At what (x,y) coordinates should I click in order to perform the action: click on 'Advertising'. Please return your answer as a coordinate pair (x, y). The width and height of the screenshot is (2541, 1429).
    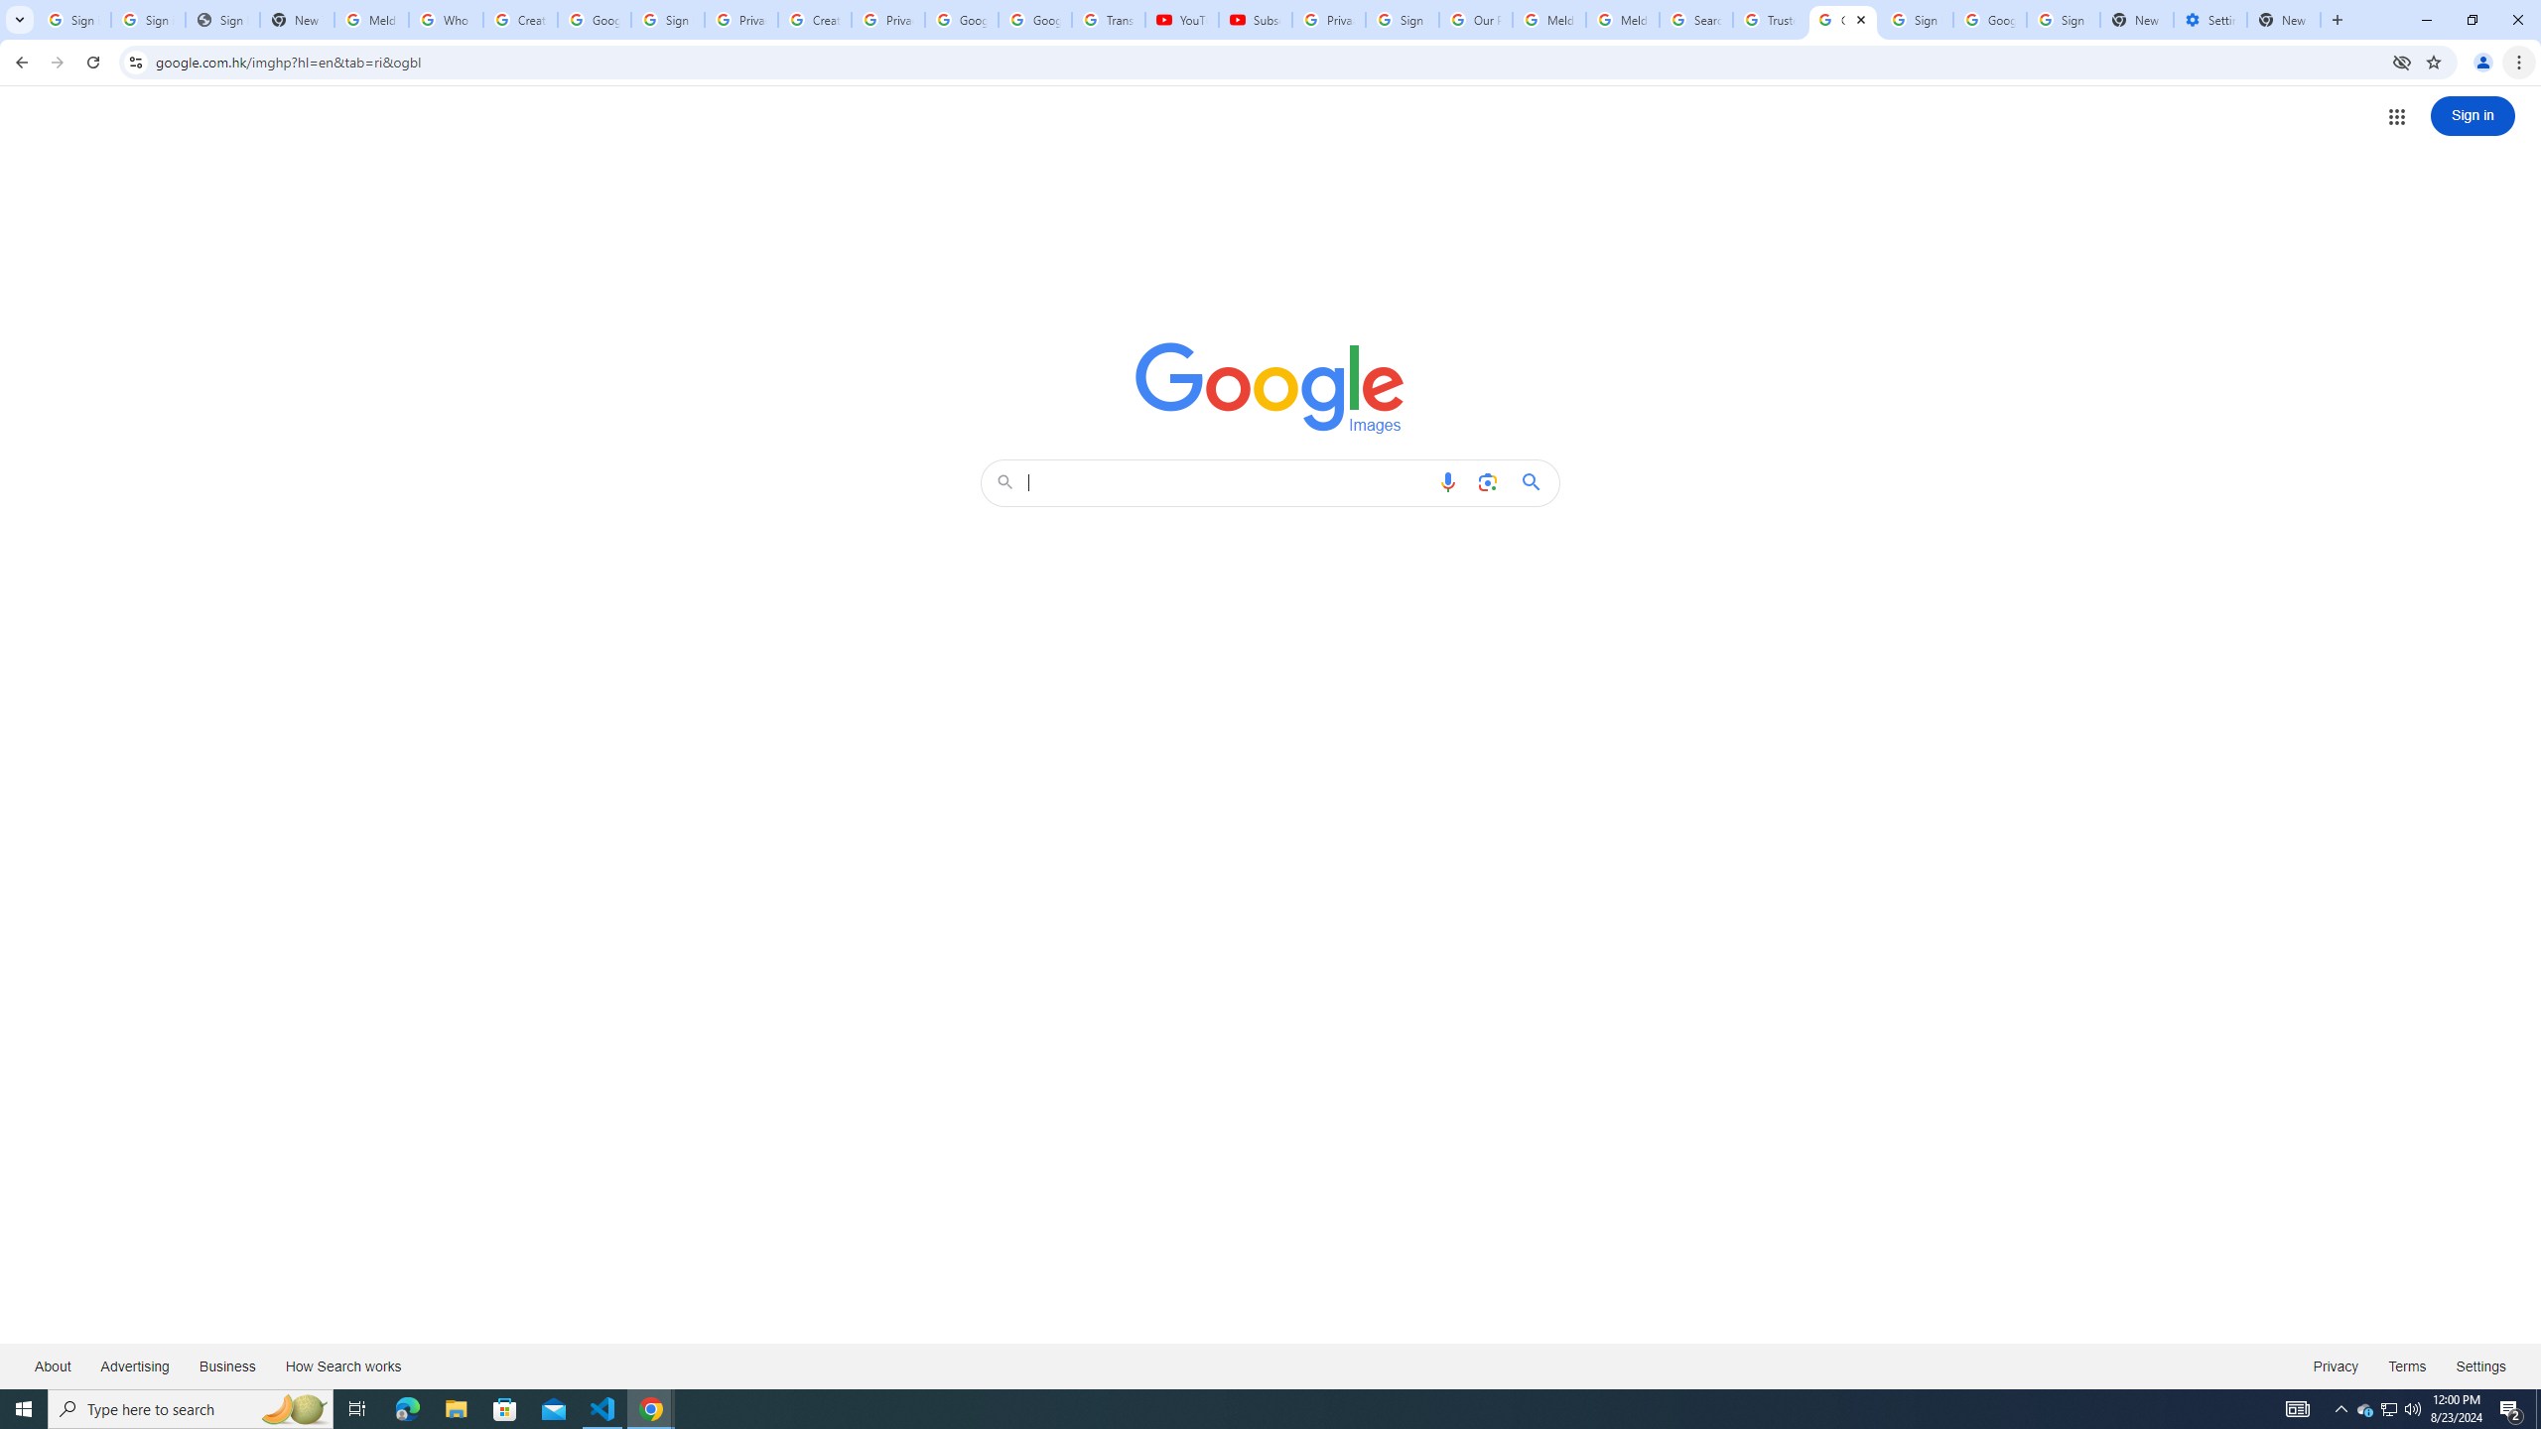
    Looking at the image, I should click on (134, 1364).